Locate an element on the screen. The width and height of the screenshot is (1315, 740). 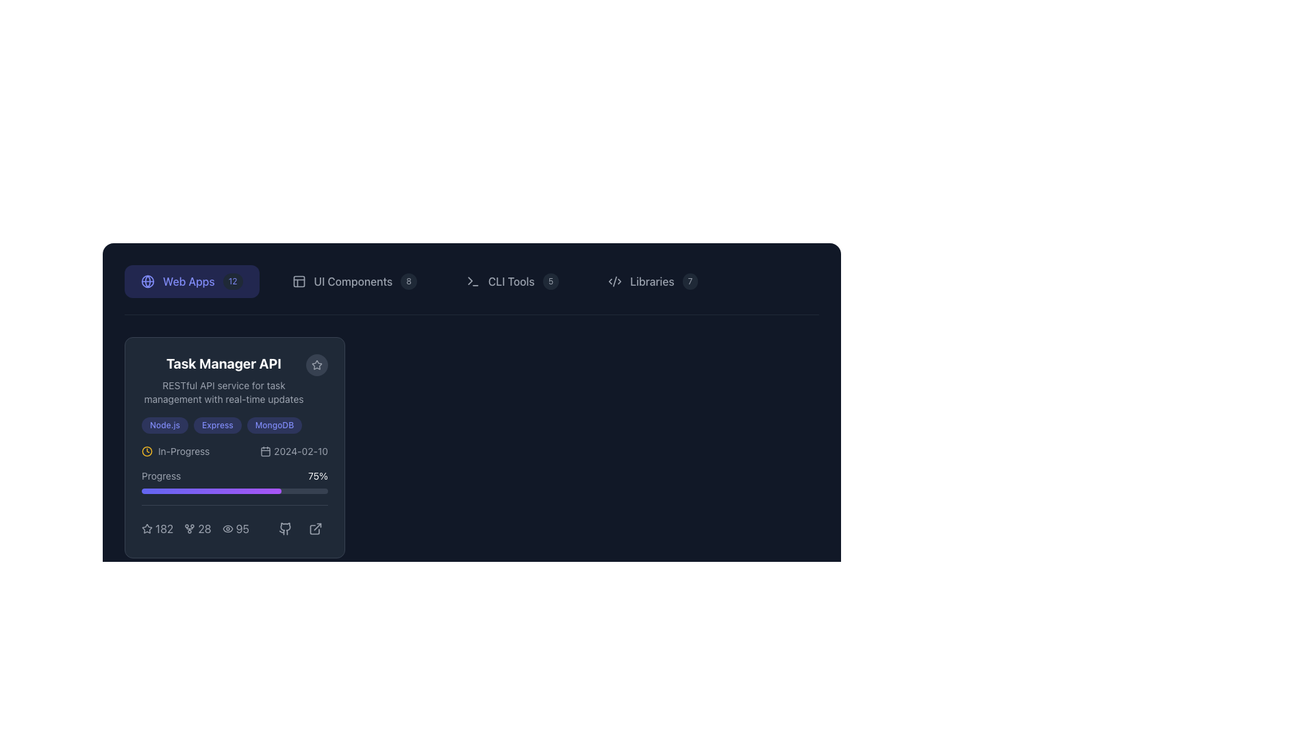
the Date display element which shows the calendar icon and the date '2024-02-10', located to the right of the 'In-Progress' label in the 'Task Manager API' section is located at coordinates (293, 452).